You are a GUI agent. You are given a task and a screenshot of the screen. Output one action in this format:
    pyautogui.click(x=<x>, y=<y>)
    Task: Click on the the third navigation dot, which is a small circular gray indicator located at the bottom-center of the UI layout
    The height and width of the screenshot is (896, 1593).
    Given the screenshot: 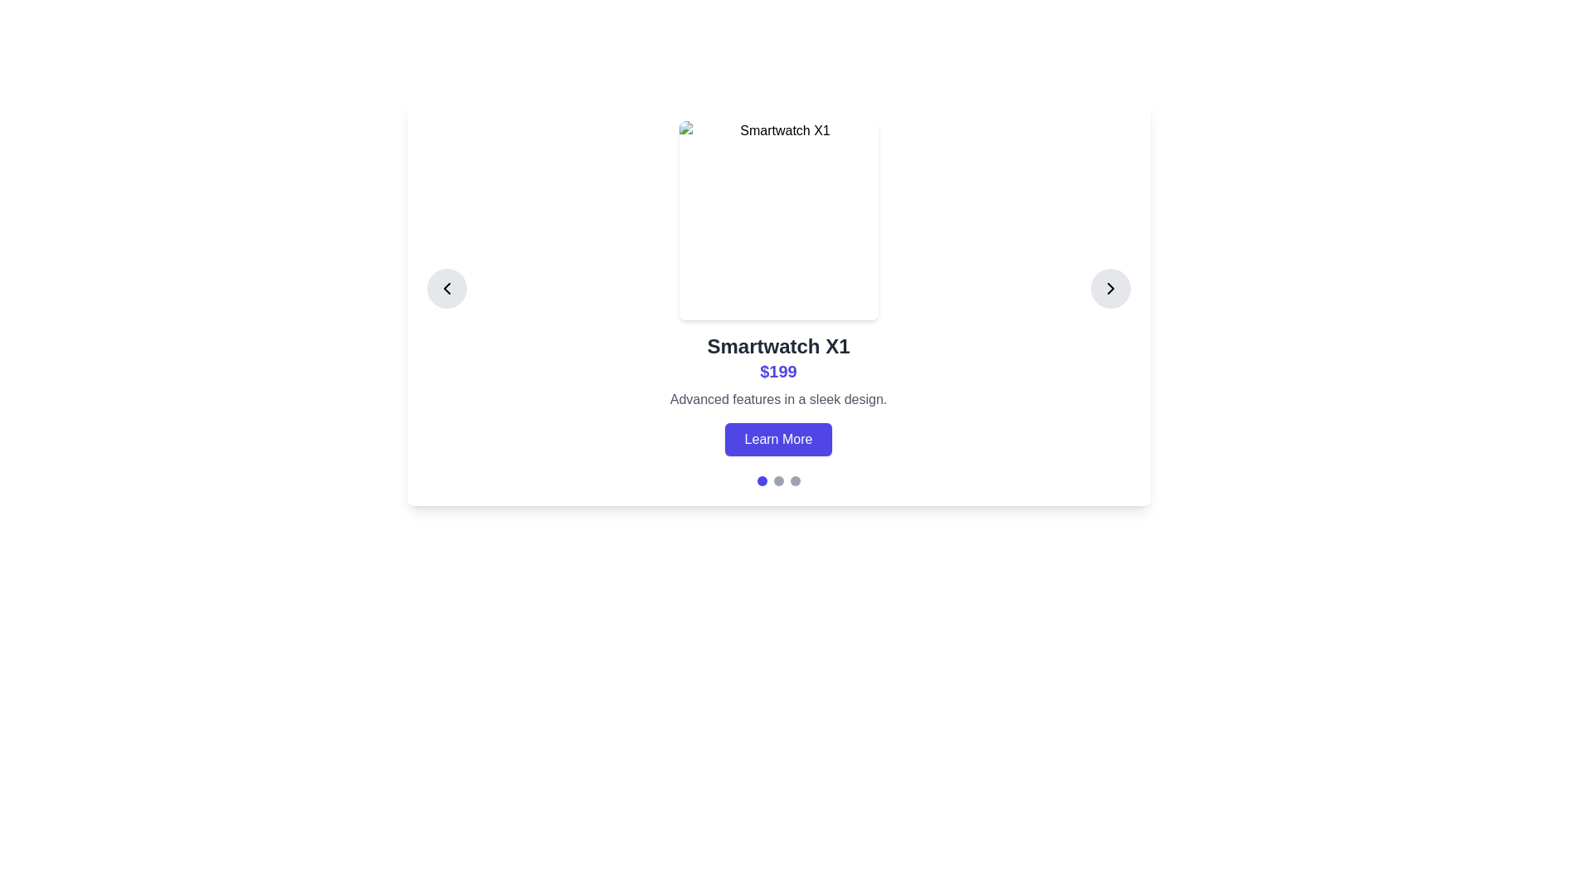 What is the action you would take?
    pyautogui.click(x=794, y=480)
    